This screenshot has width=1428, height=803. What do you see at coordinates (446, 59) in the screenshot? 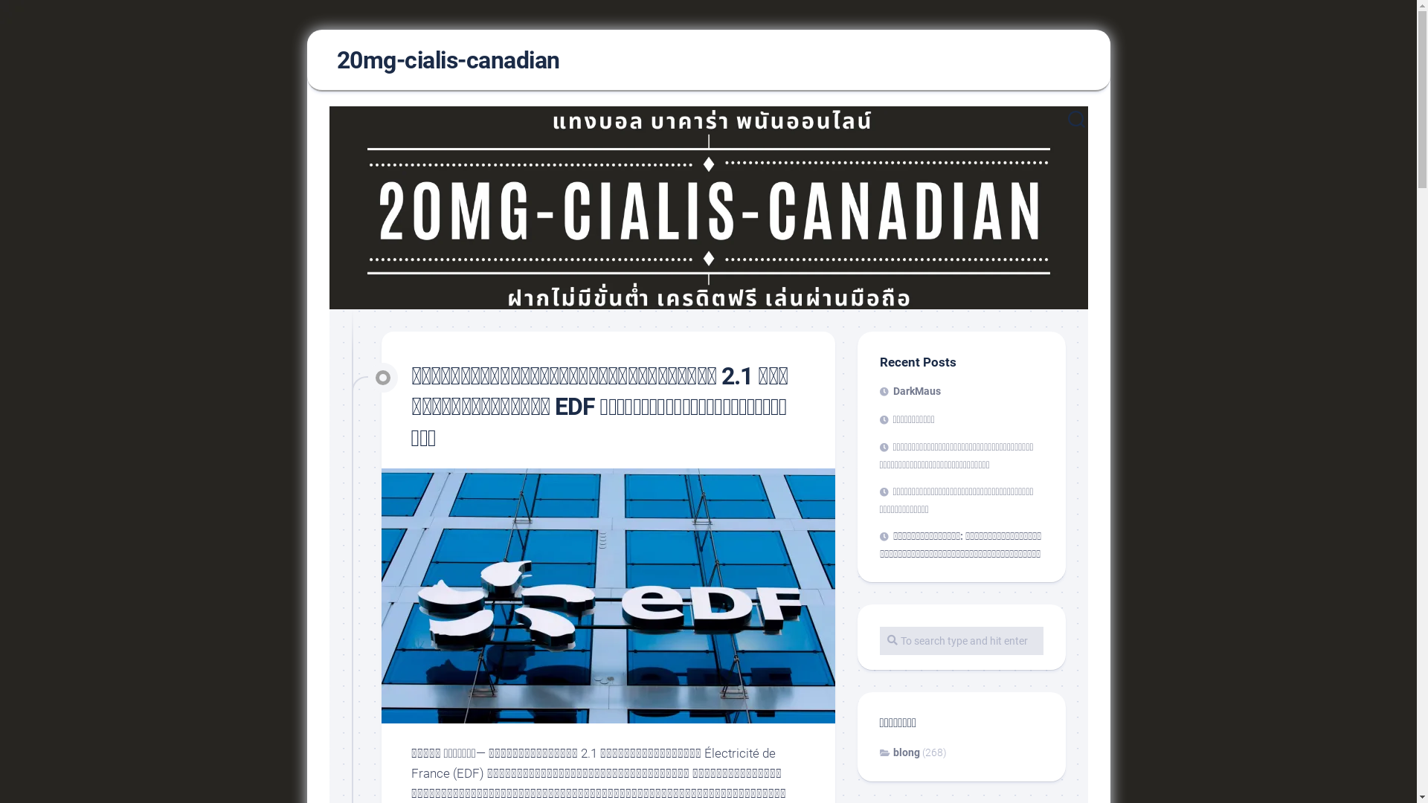
I see `'20mg-cialis-canadian'` at bounding box center [446, 59].